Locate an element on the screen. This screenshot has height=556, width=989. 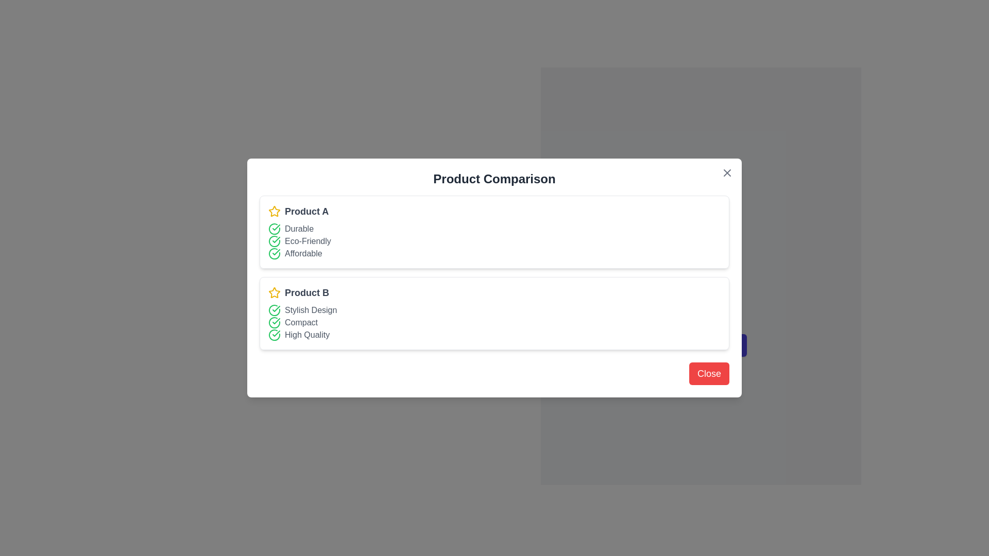
the circular green outline icon with a check mark next to the label 'Affordable' in the features list for 'Product A' is located at coordinates (274, 254).